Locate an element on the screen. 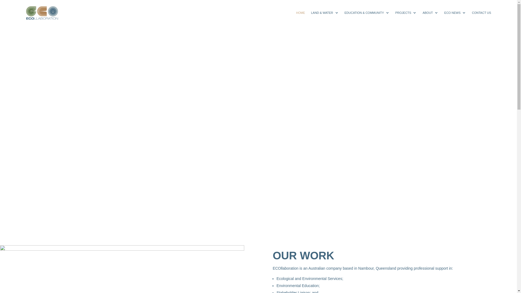 The image size is (521, 293). 'ABOUT' is located at coordinates (422, 12).